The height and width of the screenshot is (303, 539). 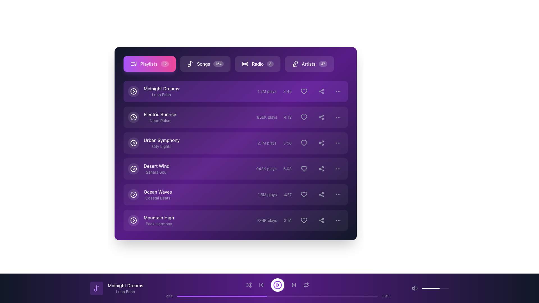 I want to click on the slider's value, so click(x=430, y=288).